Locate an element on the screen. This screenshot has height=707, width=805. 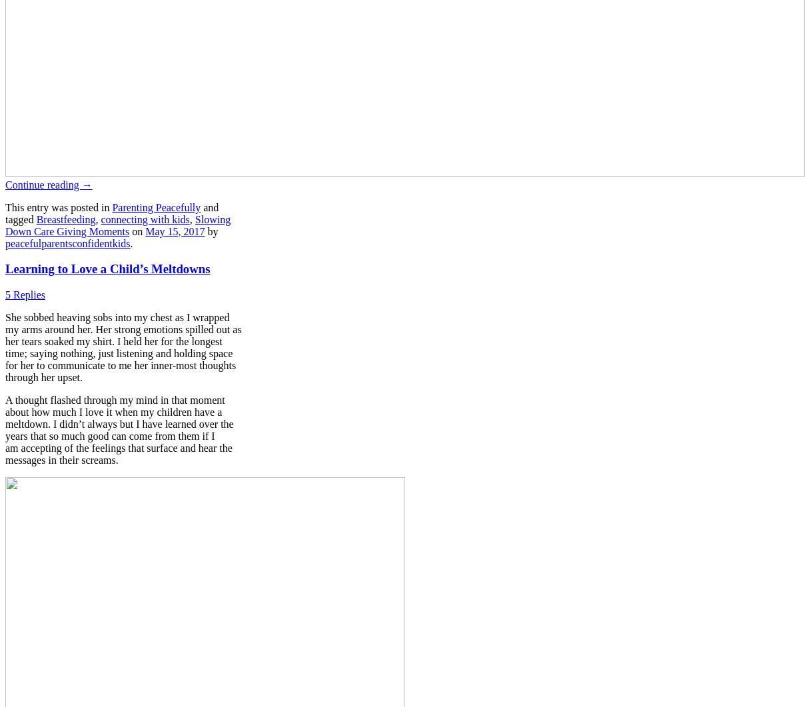
'5 Replies' is located at coordinates (25, 295).